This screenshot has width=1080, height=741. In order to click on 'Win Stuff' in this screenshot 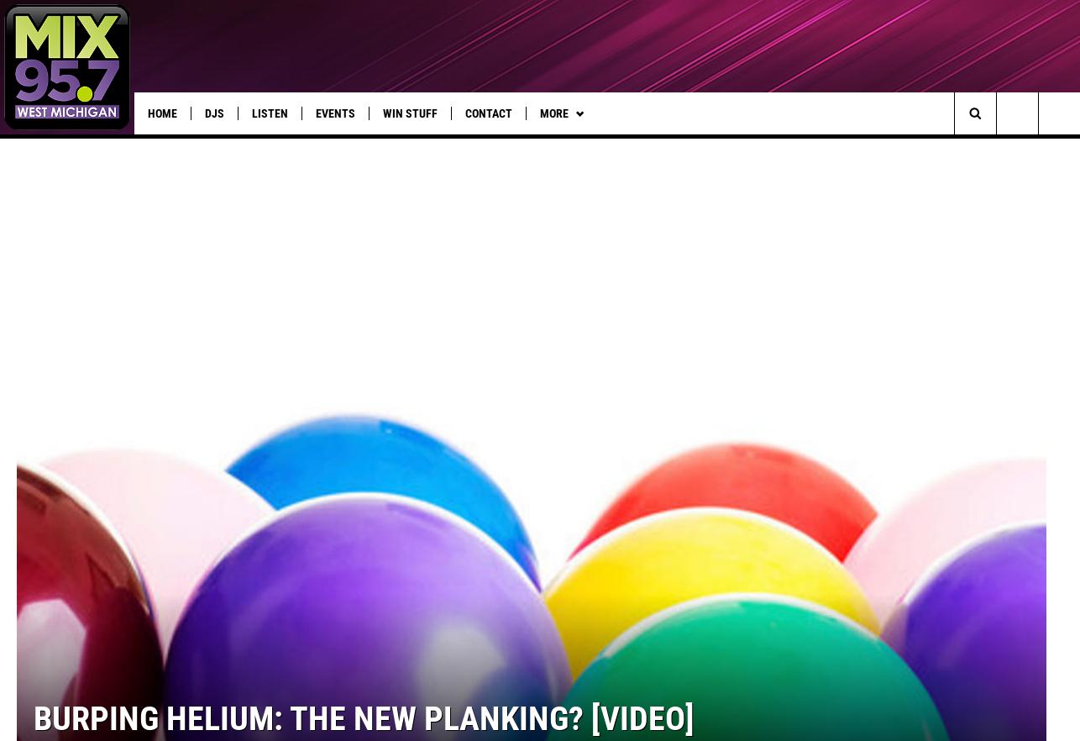, I will do `click(382, 113)`.